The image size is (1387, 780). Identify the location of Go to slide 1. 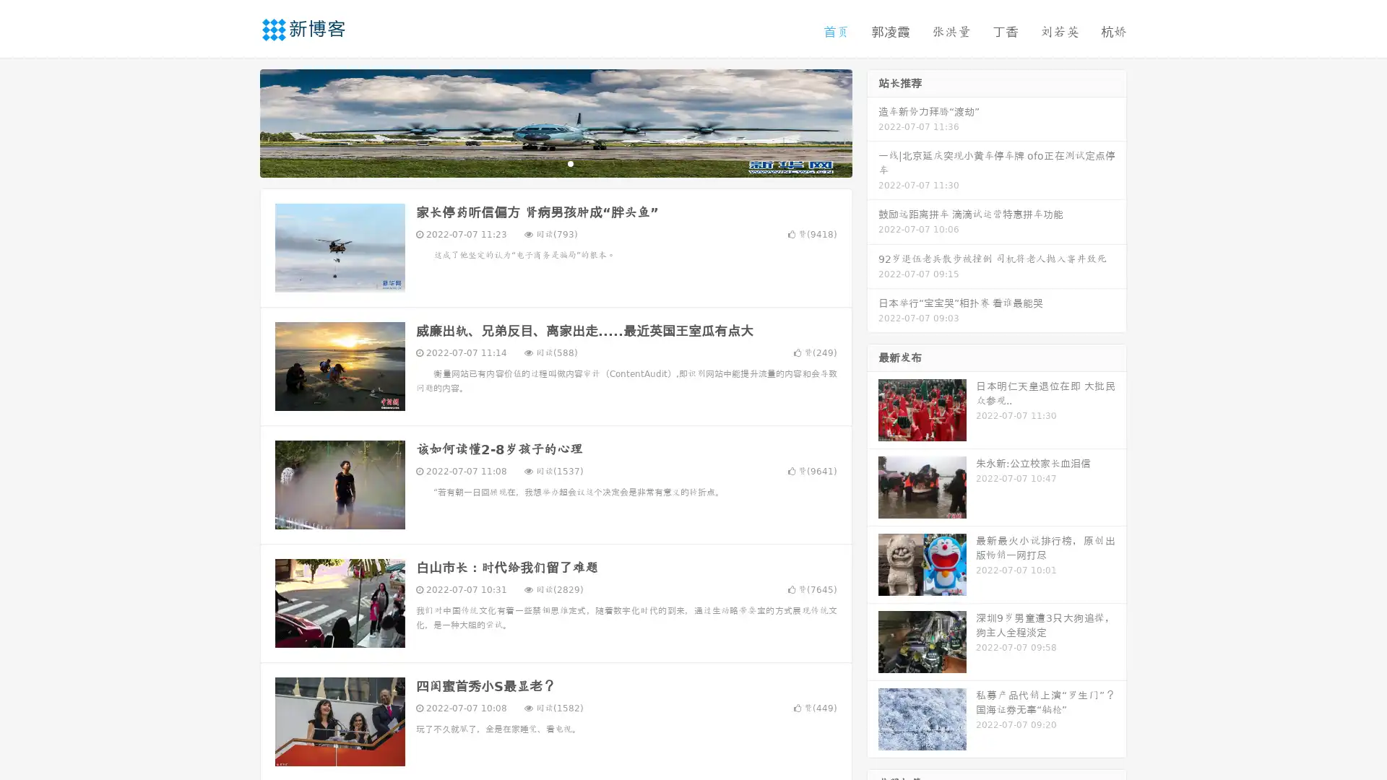
(540, 162).